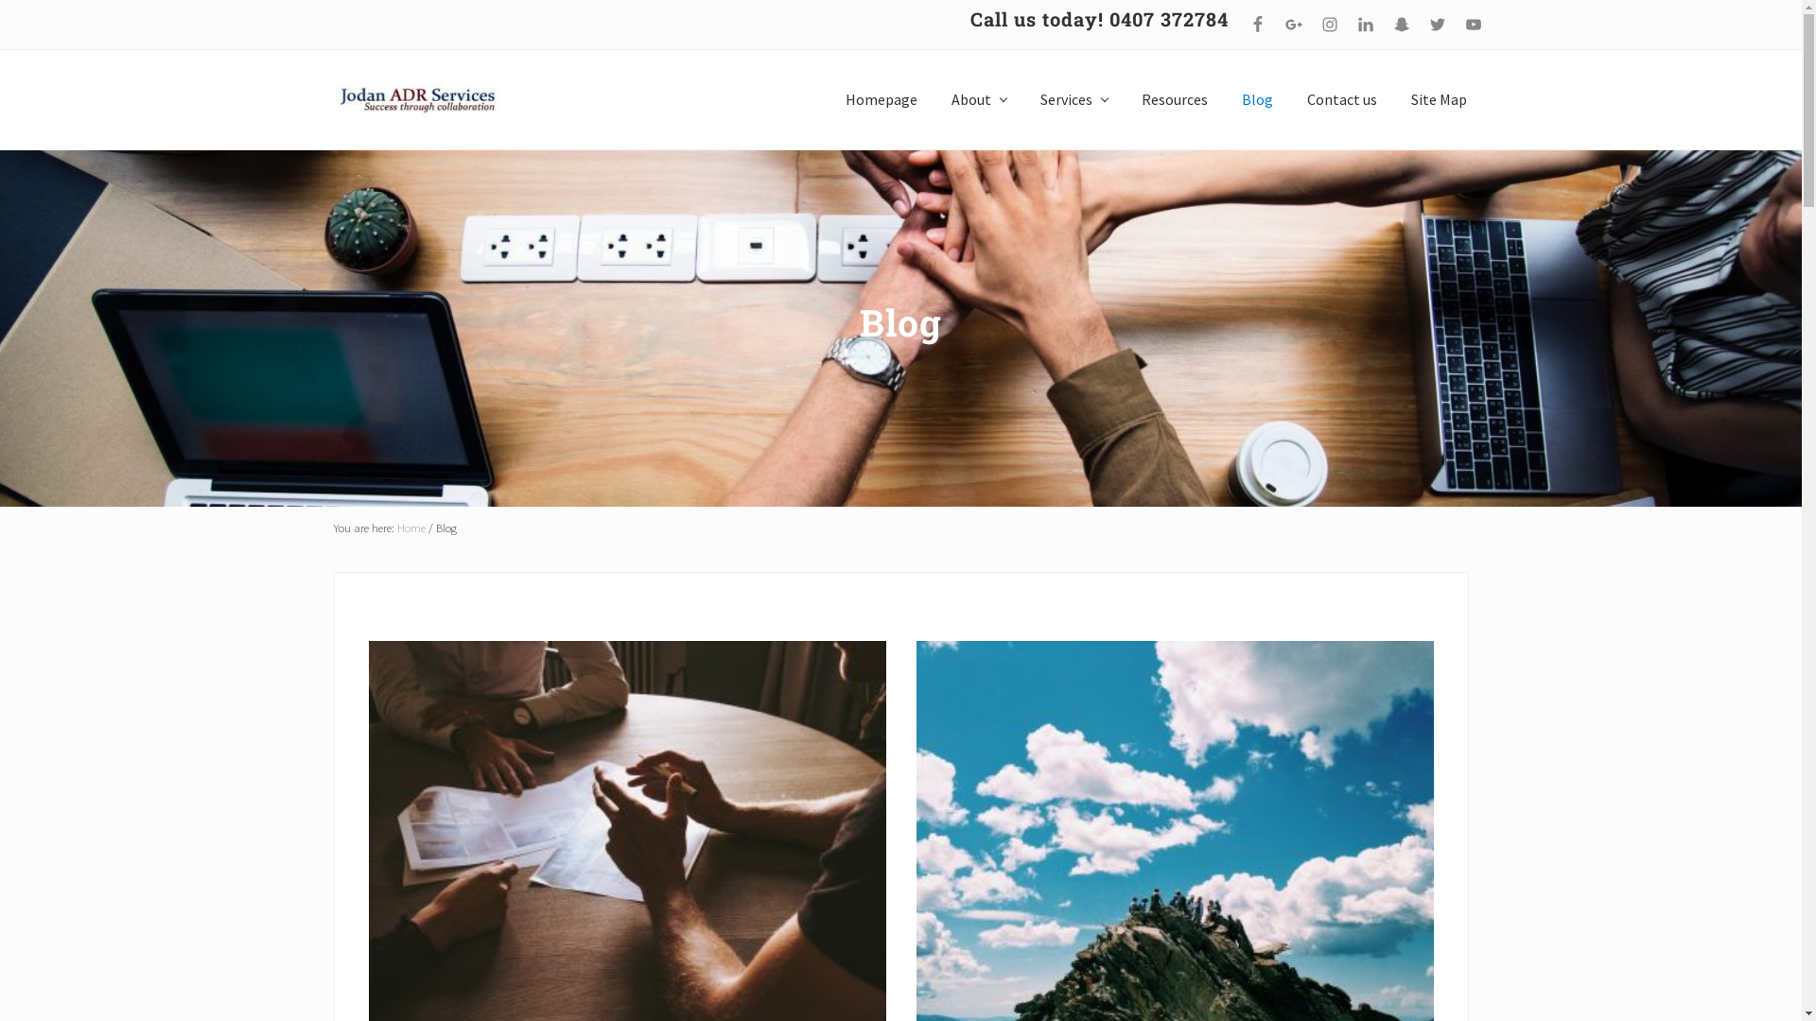  I want to click on 'Facebook', so click(1257, 25).